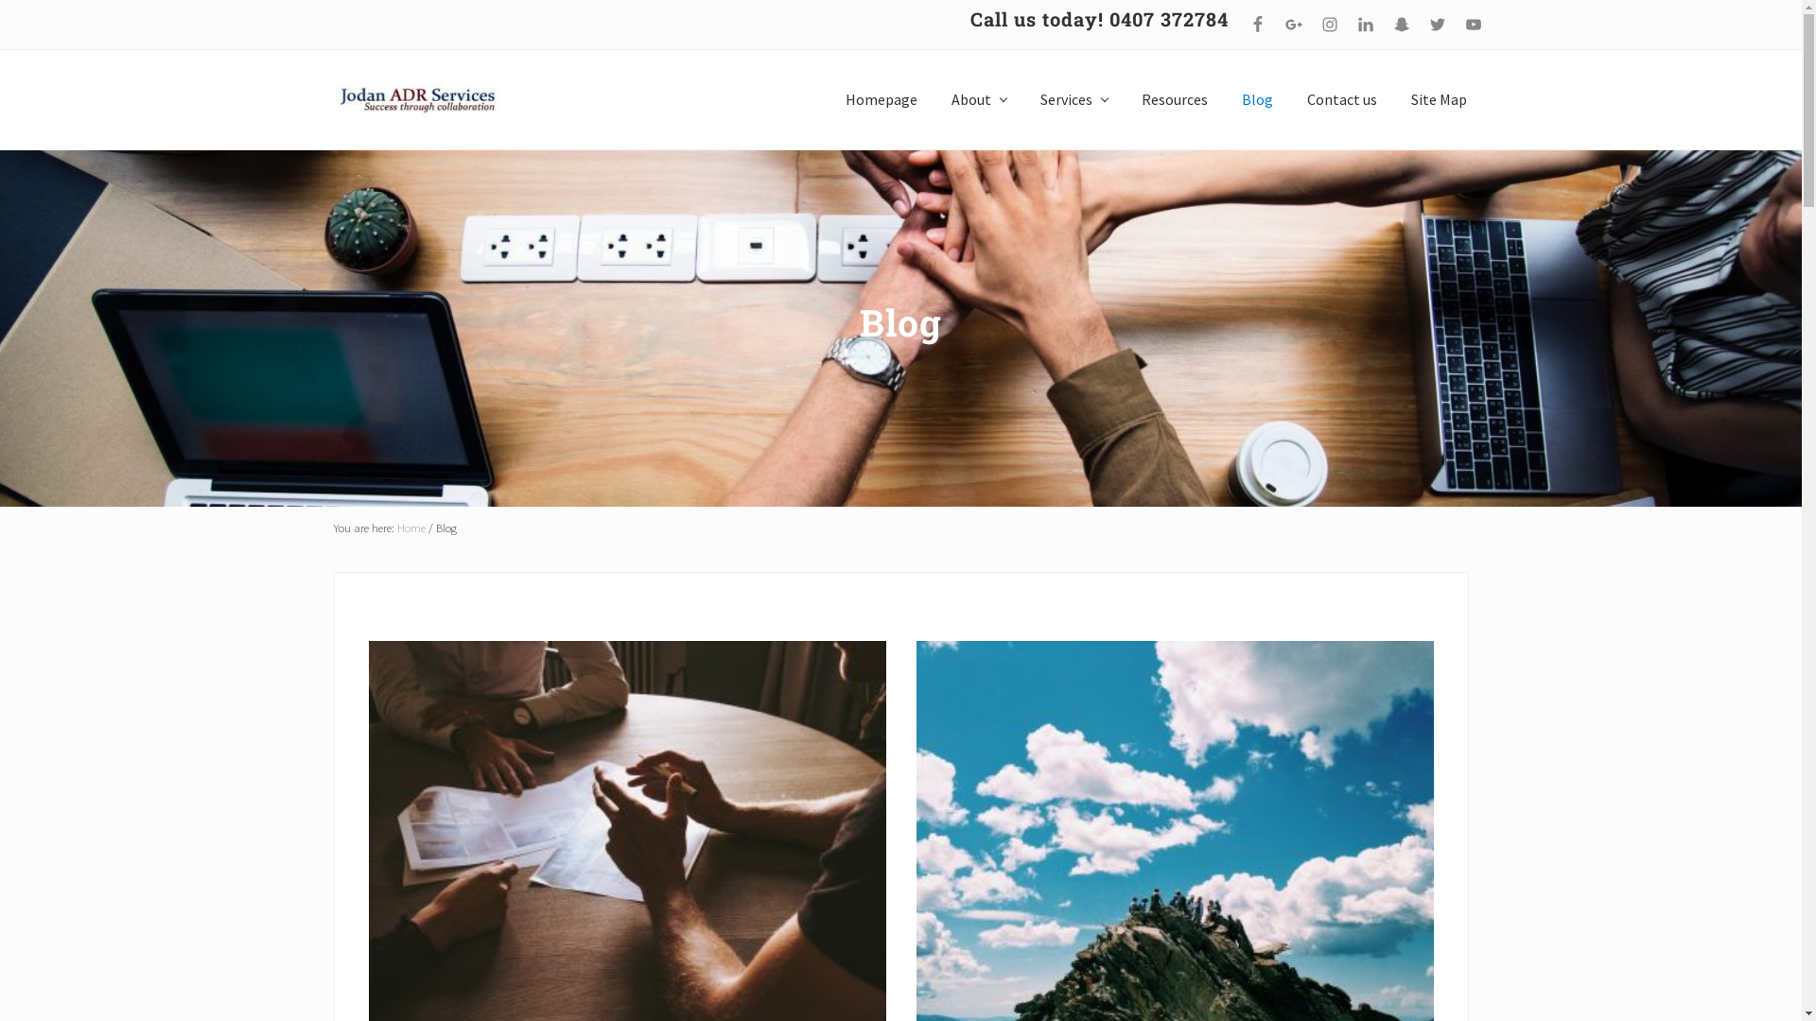  I want to click on 'Facebook', so click(1257, 25).